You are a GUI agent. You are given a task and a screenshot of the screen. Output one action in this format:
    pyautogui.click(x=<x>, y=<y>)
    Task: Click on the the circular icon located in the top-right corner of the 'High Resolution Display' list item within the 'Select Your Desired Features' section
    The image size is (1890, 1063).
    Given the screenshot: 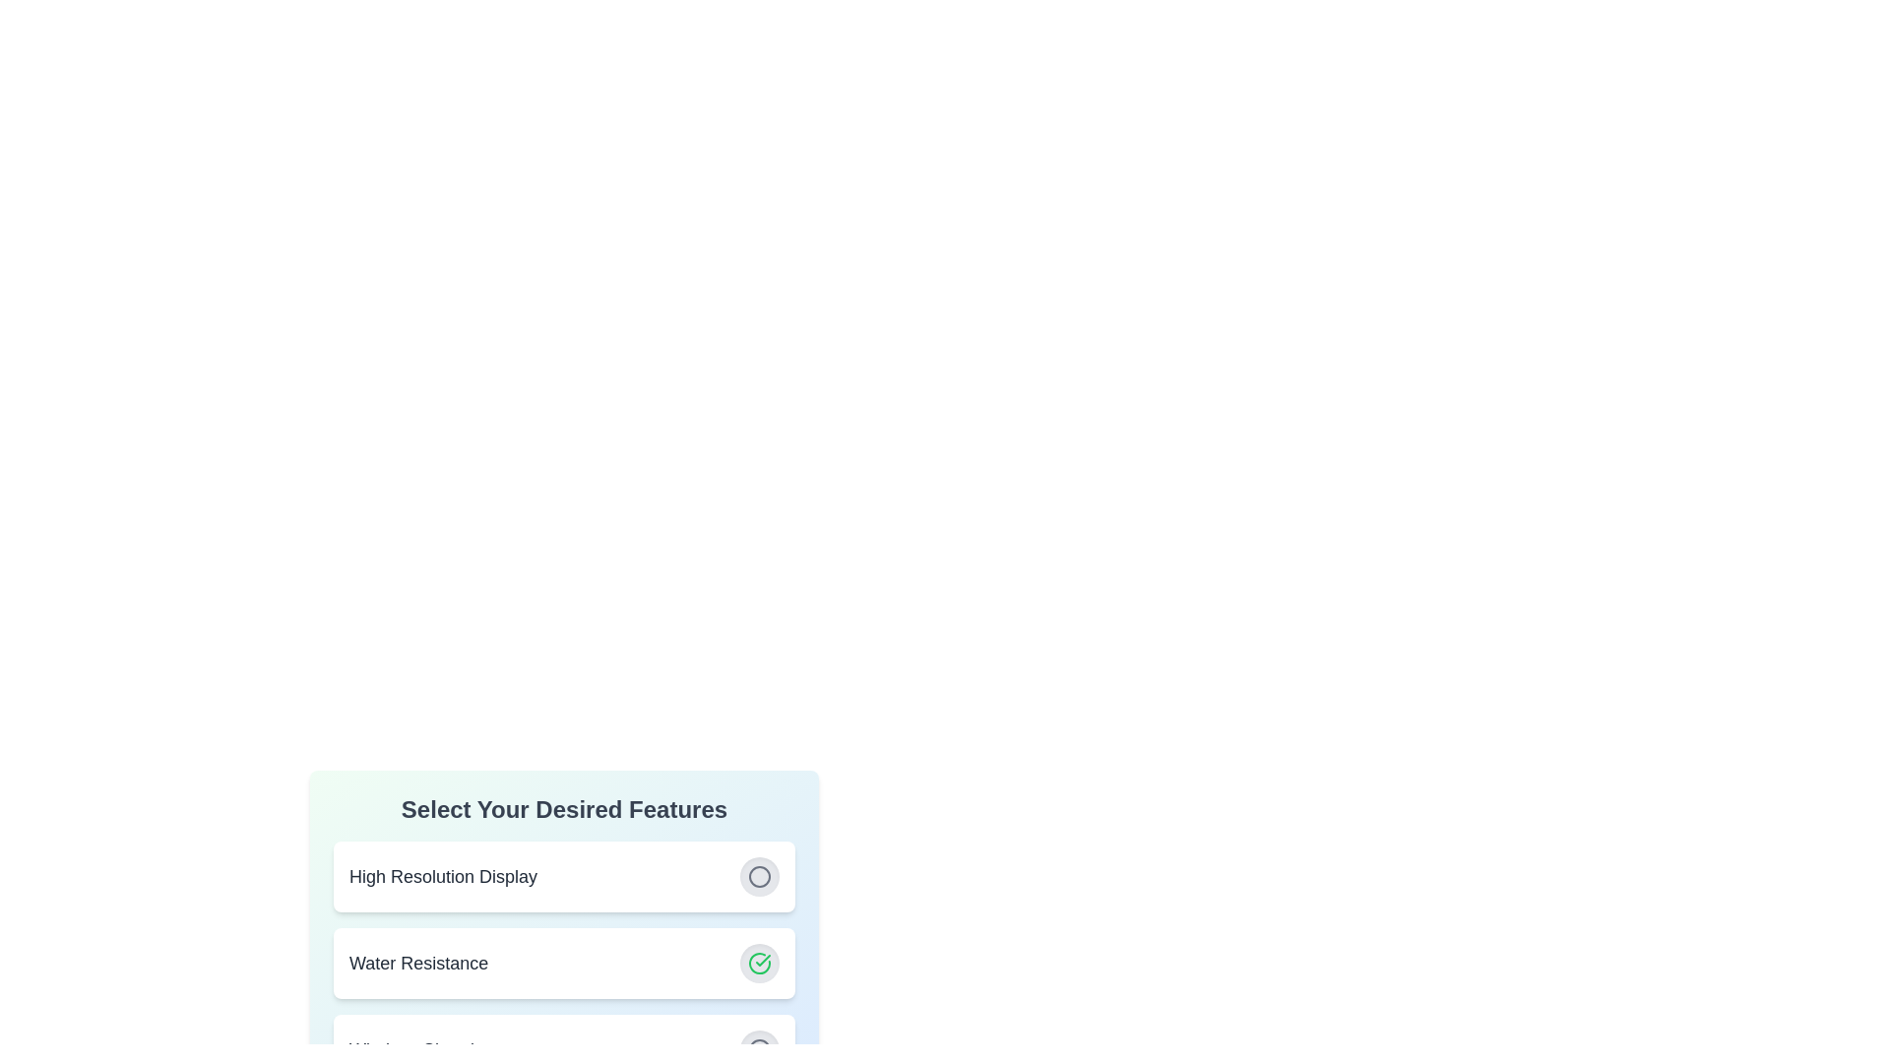 What is the action you would take?
    pyautogui.click(x=759, y=876)
    